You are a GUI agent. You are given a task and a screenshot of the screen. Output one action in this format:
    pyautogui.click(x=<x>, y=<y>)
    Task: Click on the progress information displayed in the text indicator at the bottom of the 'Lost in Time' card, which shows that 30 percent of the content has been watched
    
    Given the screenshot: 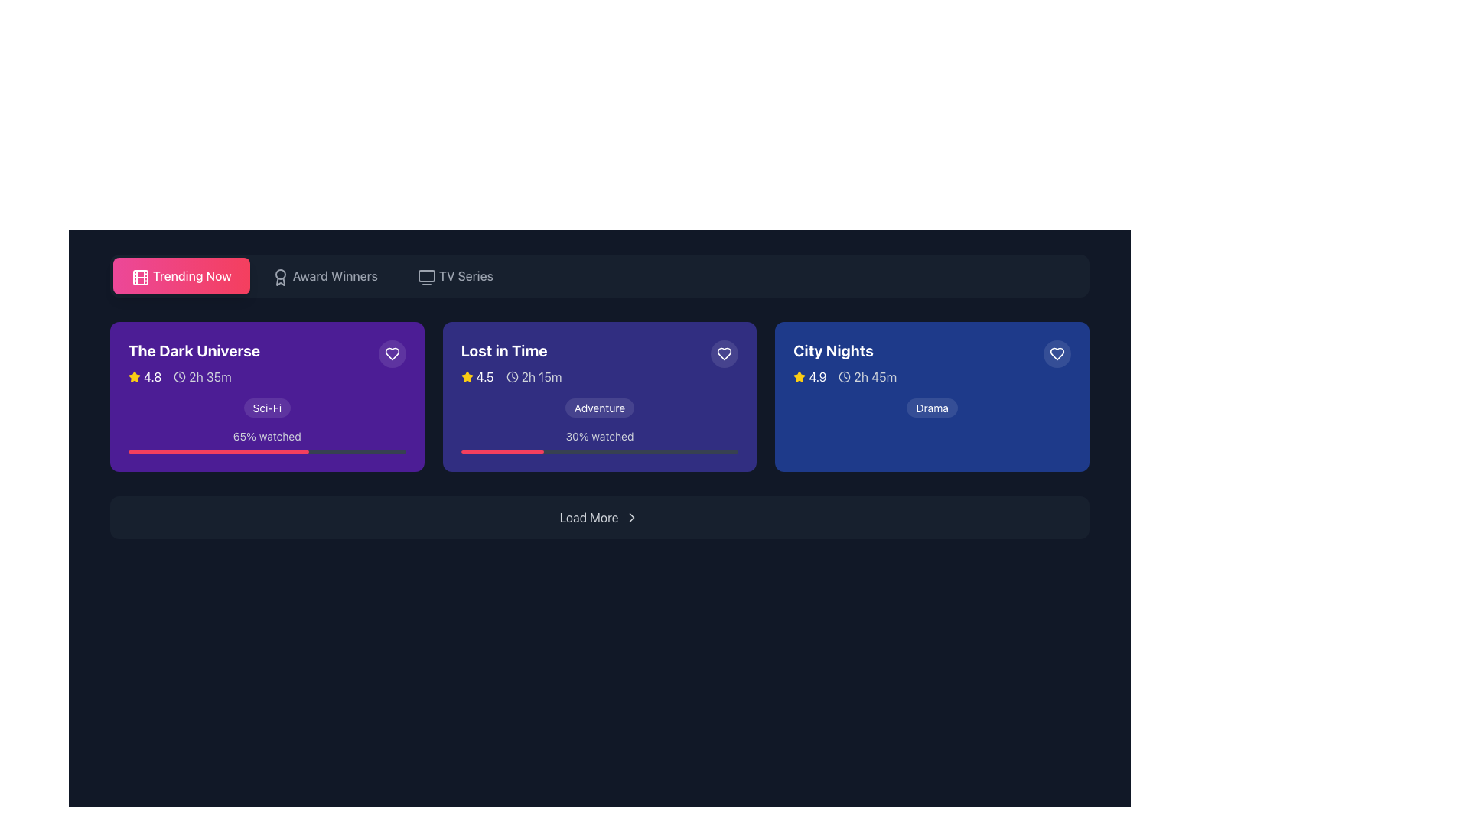 What is the action you would take?
    pyautogui.click(x=598, y=441)
    